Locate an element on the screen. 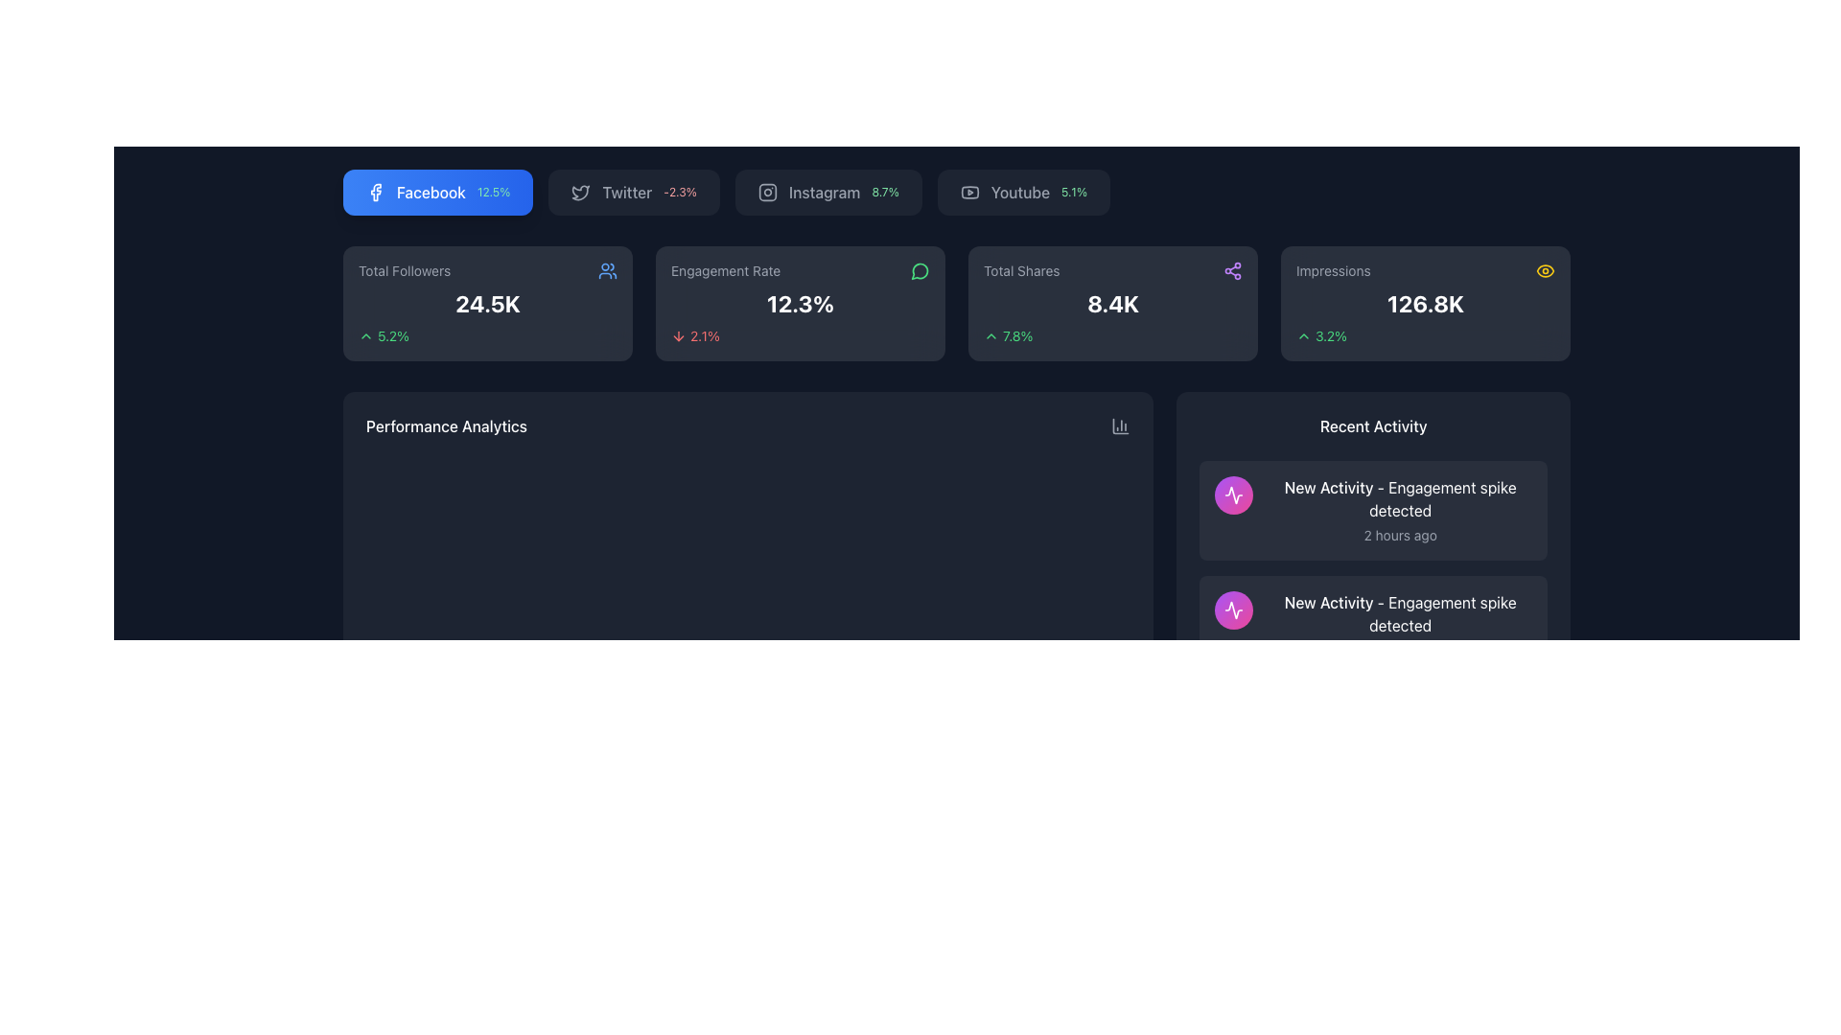 The image size is (1841, 1035). text label displaying '126.8K' which indicates the count of impressions, prominently featured in a card under the header 'Impressions' is located at coordinates (1426, 302).